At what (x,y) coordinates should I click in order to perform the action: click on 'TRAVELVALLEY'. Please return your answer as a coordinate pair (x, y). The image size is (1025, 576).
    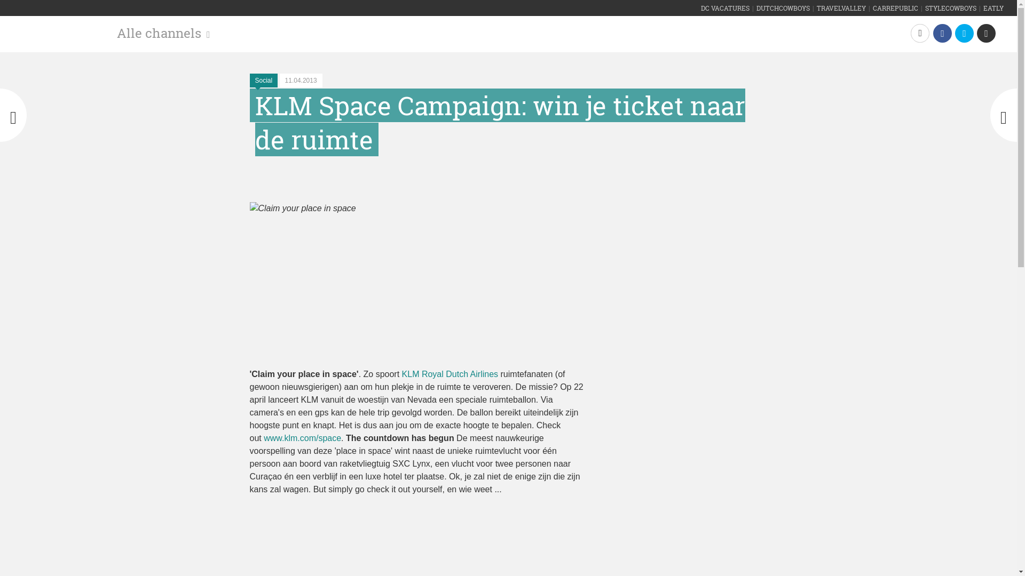
    Looking at the image, I should click on (840, 8).